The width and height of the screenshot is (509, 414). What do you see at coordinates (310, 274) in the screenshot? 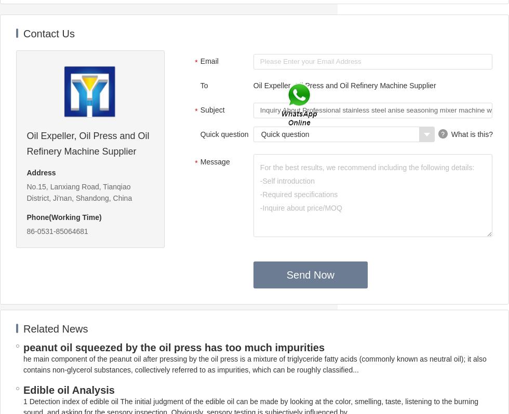
I see `'Send Now'` at bounding box center [310, 274].